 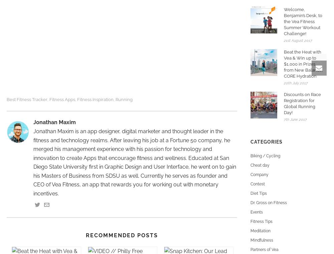 I want to click on 'Categories', so click(x=267, y=141).